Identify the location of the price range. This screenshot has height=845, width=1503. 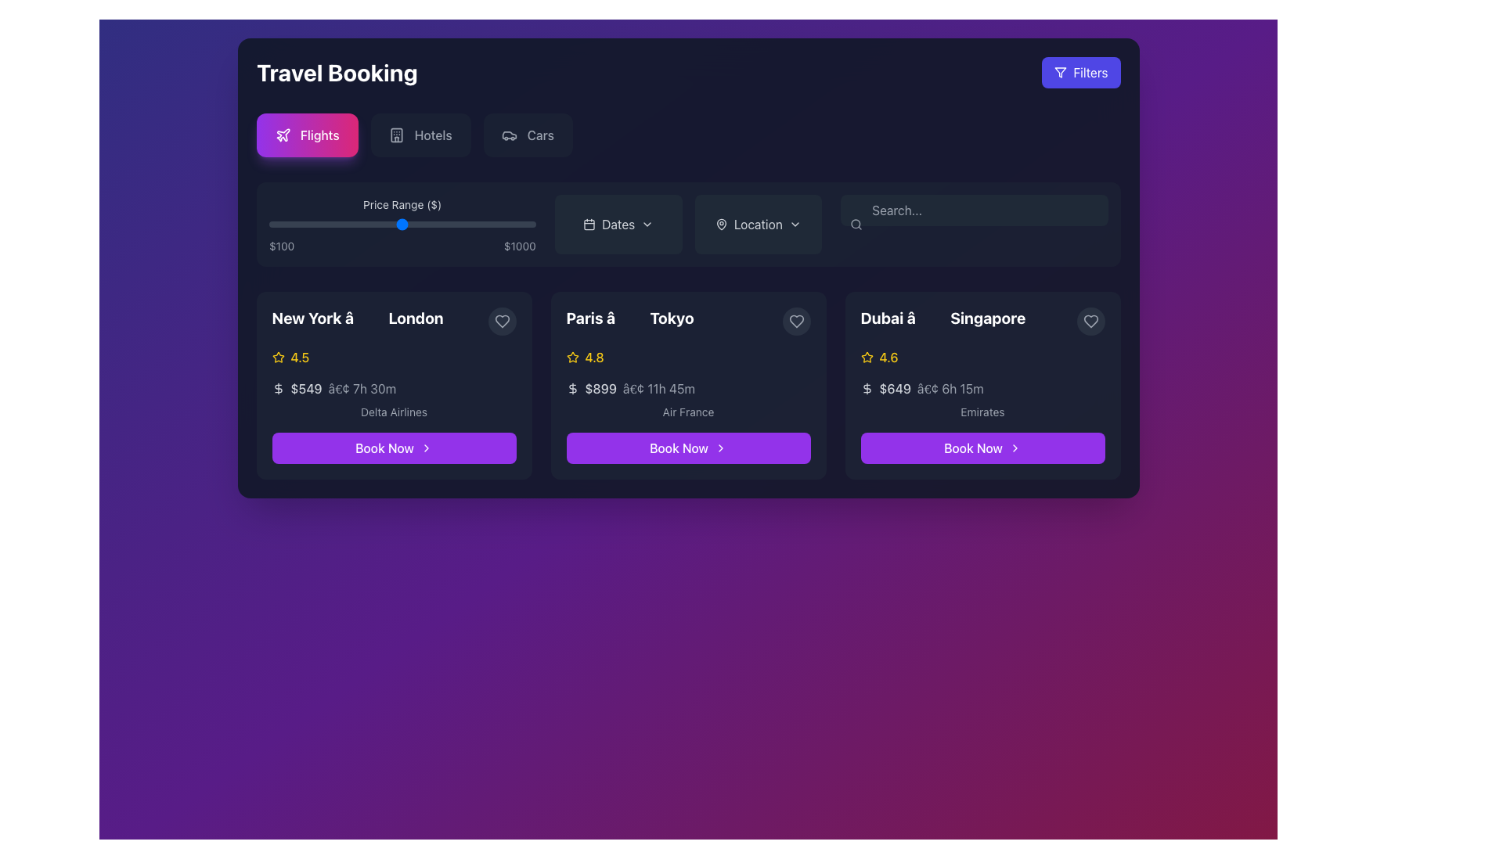
(335, 224).